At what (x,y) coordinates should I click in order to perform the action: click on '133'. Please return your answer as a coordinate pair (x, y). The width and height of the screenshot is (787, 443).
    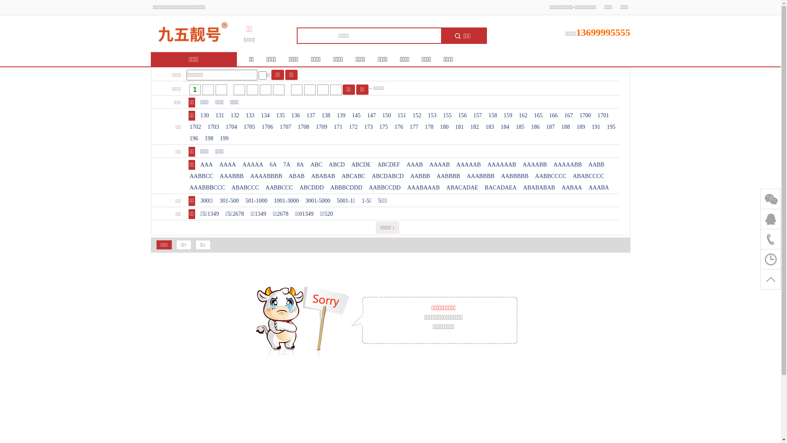
    Looking at the image, I should click on (250, 115).